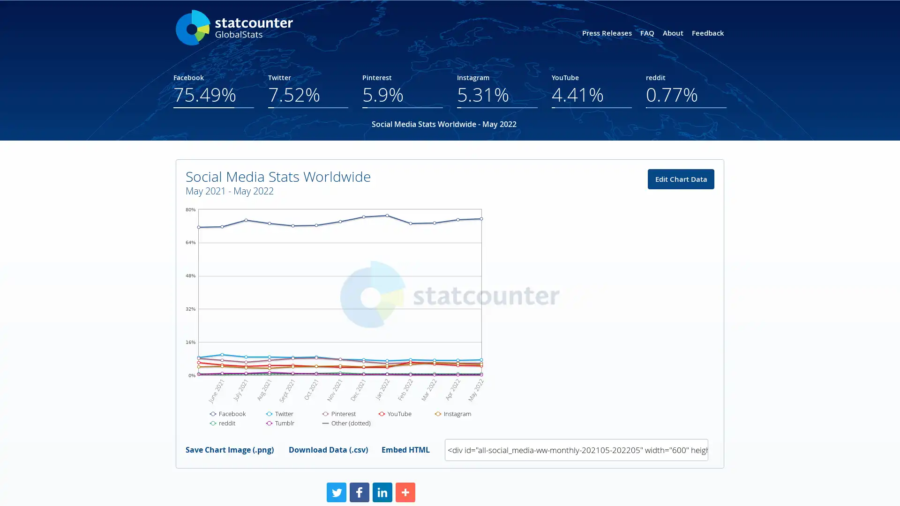 This screenshot has height=506, width=900. Describe the element at coordinates (456, 491) in the screenshot. I see `Share to LinkedIn LinkedIn` at that location.